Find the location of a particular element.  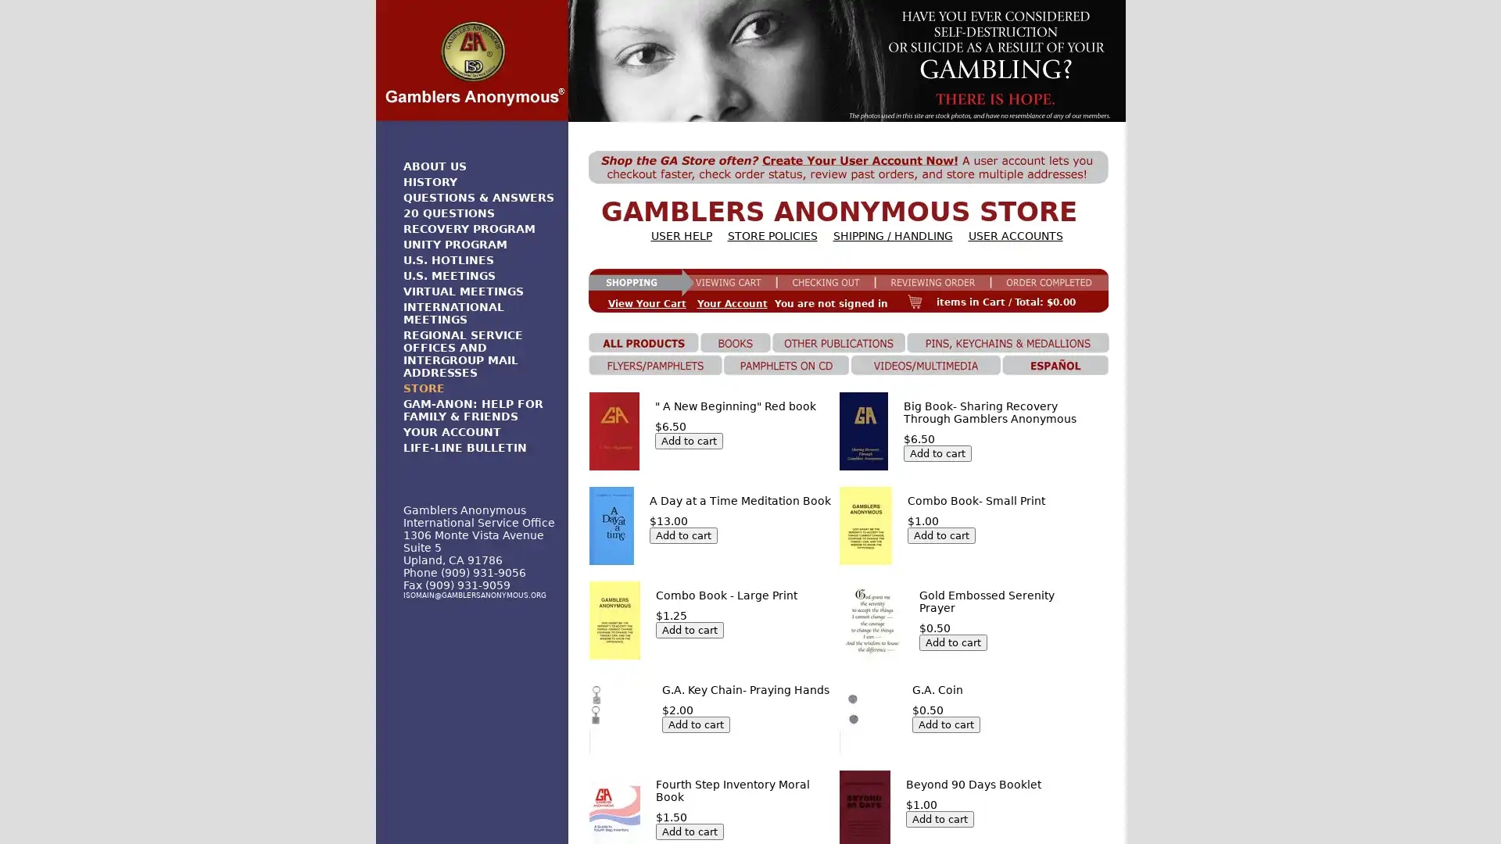

Add to cart is located at coordinates (688, 628).